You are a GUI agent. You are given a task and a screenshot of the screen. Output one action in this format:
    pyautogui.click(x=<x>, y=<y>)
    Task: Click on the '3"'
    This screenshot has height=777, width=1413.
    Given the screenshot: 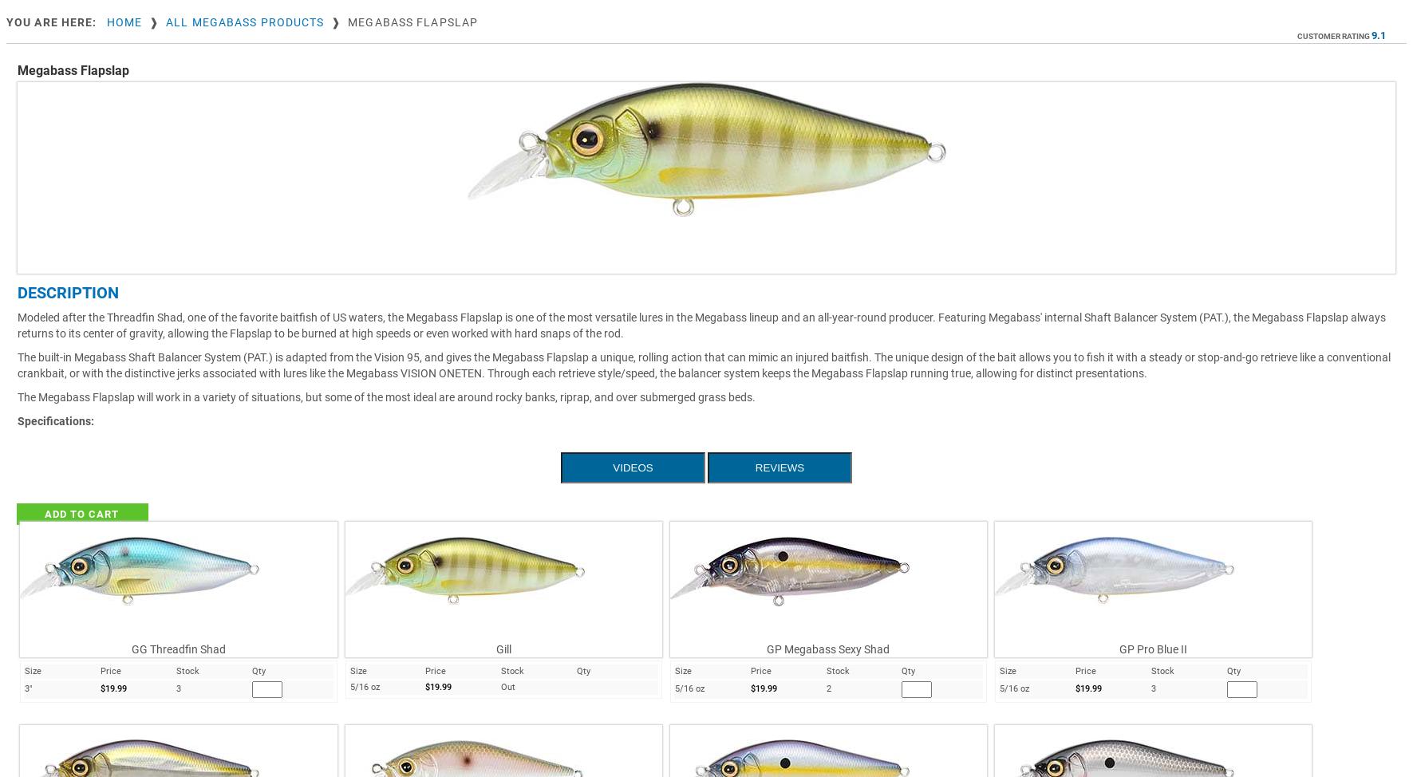 What is the action you would take?
    pyautogui.click(x=27, y=688)
    